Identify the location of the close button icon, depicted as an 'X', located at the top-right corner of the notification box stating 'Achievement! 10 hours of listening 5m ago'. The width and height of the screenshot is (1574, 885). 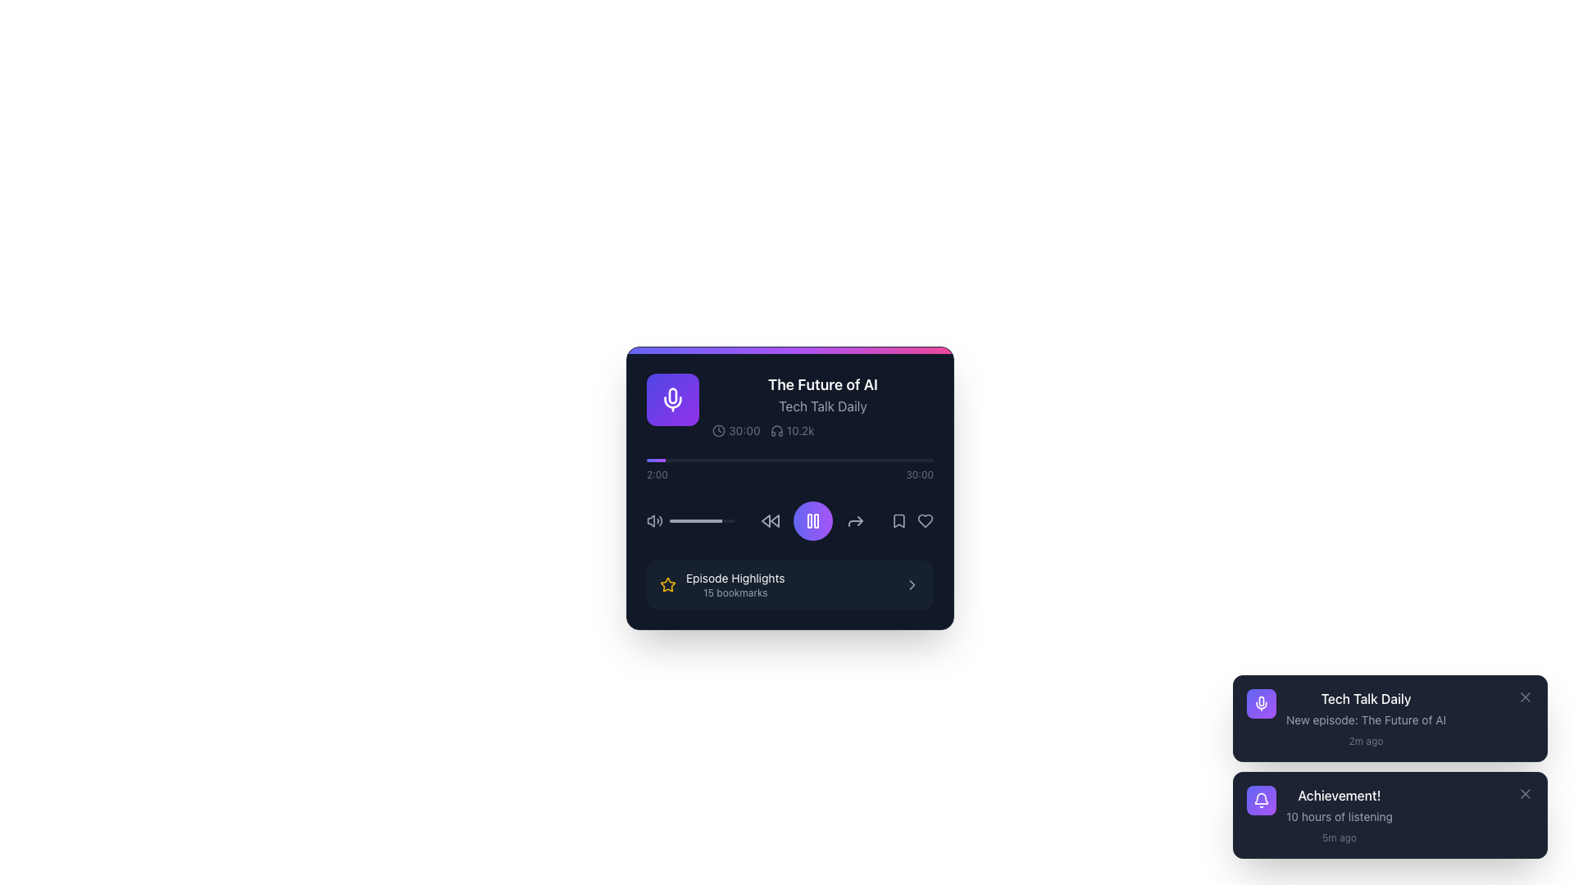
(1525, 792).